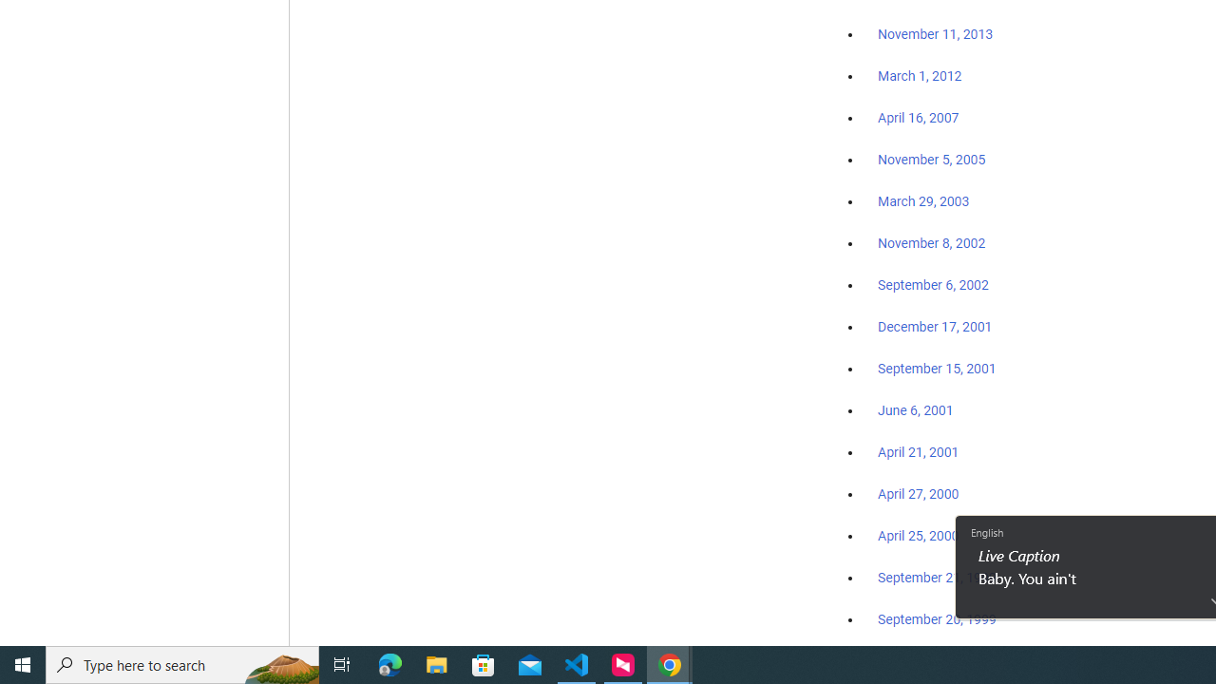 This screenshot has height=684, width=1216. What do you see at coordinates (576, 663) in the screenshot?
I see `'Visual Studio Code - 1 running window'` at bounding box center [576, 663].